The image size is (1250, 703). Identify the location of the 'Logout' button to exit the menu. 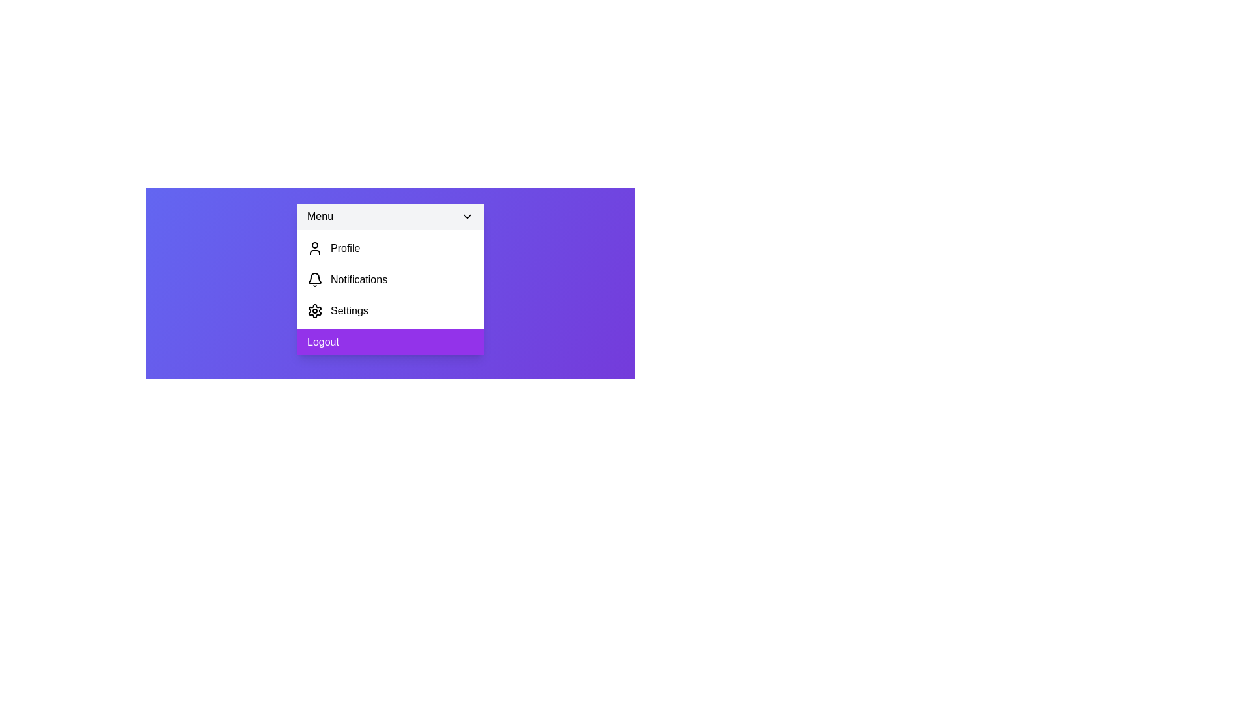
(390, 341).